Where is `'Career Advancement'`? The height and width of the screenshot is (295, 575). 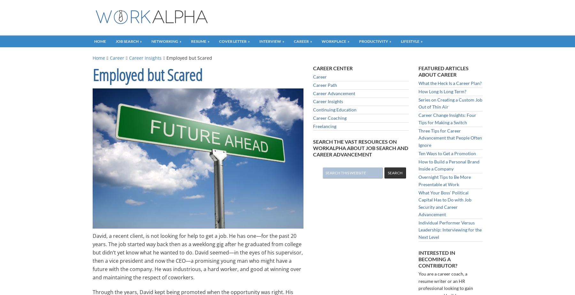 'Career Advancement' is located at coordinates (334, 93).